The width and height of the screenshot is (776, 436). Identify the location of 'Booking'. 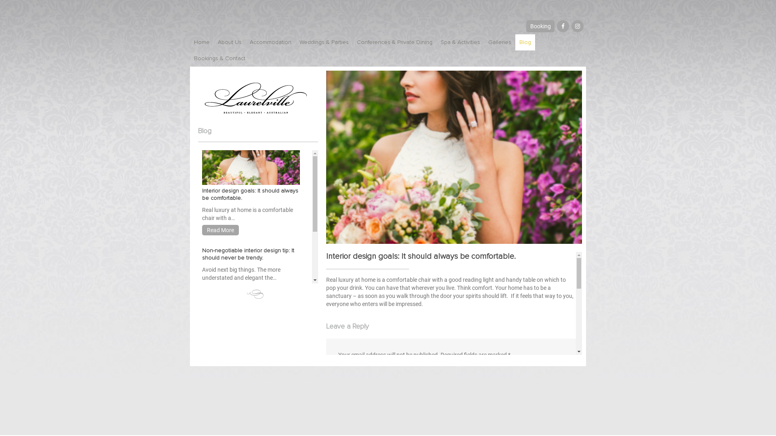
(540, 26).